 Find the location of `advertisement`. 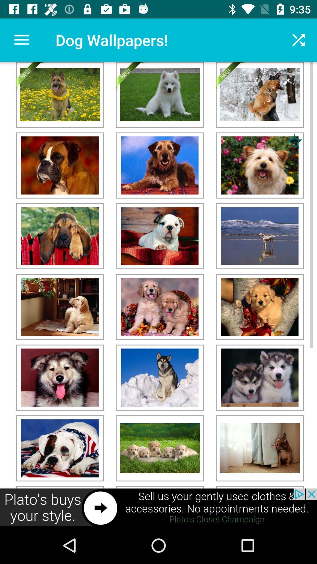

advertisement is located at coordinates (158, 507).